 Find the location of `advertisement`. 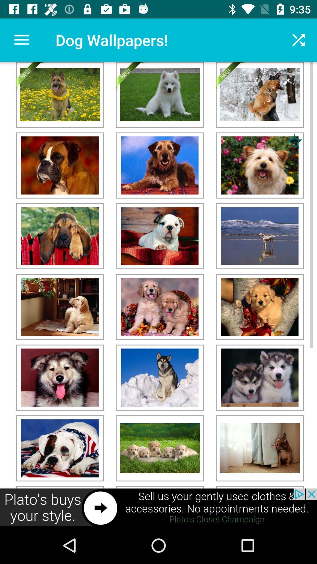

advertisement is located at coordinates (158, 507).